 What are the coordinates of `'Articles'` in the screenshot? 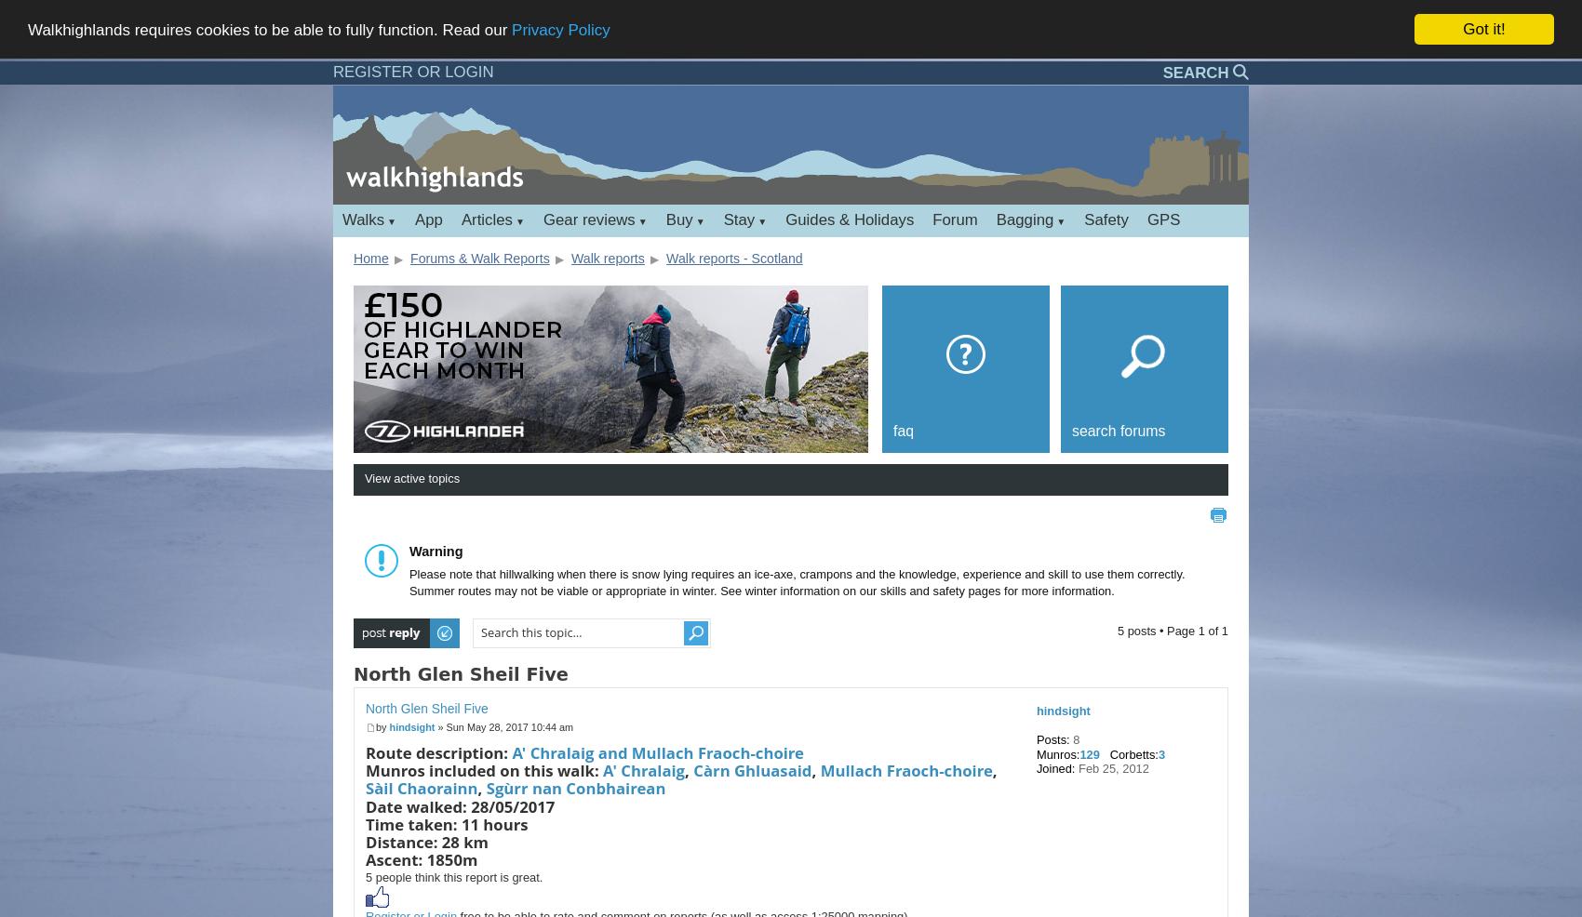 It's located at (461, 218).